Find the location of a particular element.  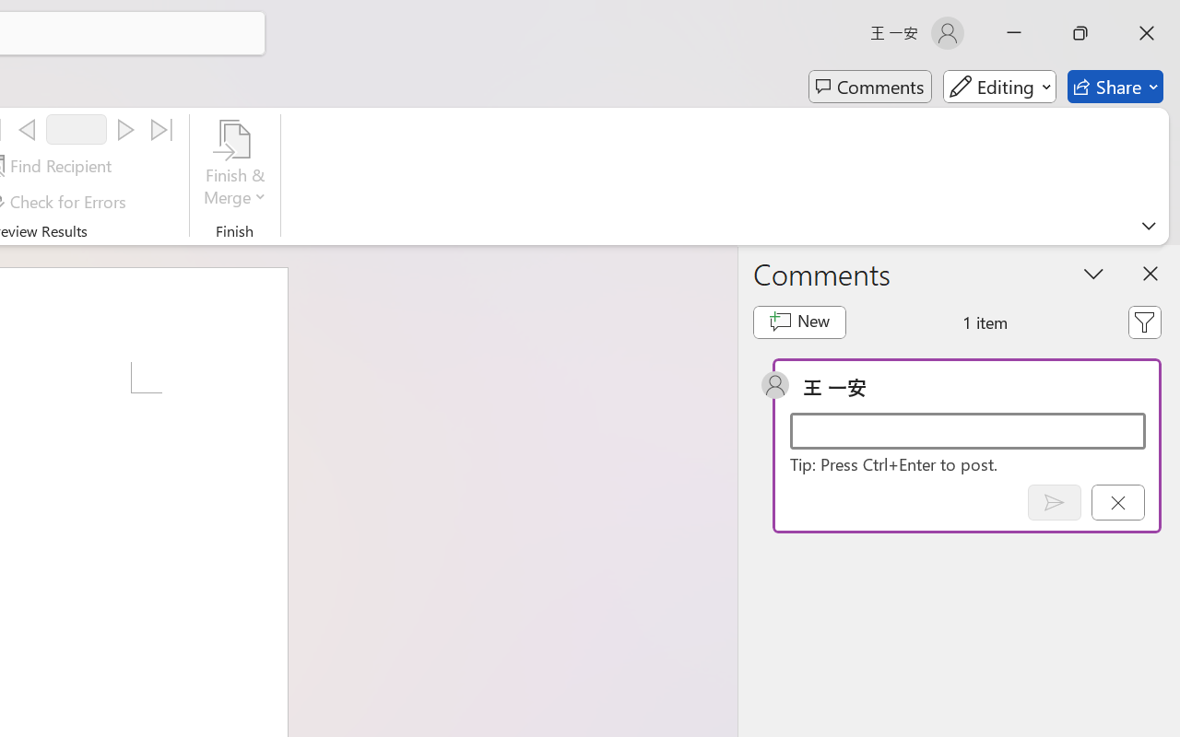

'Cancel' is located at coordinates (1116, 502).